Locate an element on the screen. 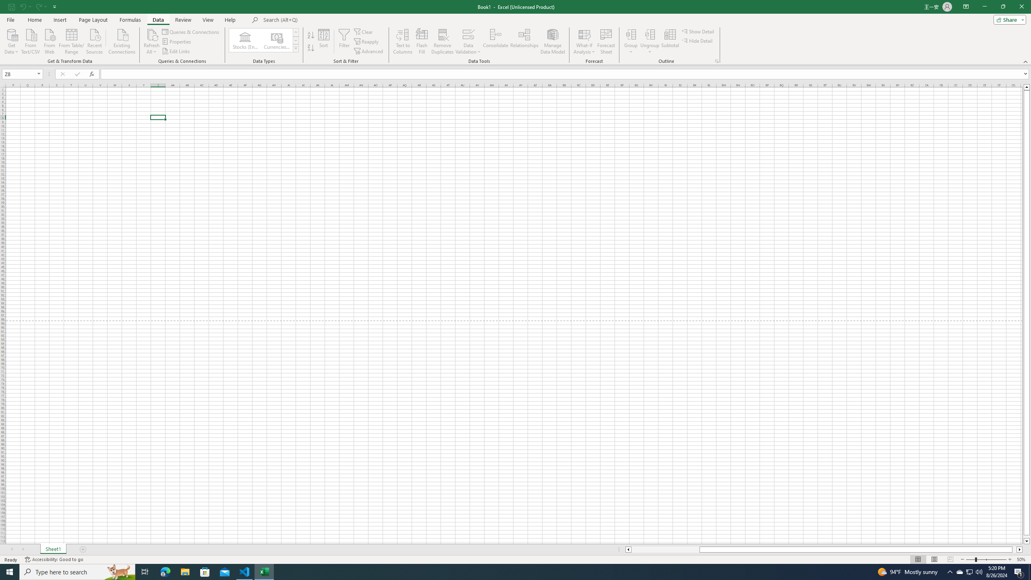 This screenshot has height=580, width=1031. 'Stocks (English)' is located at coordinates (245, 40).